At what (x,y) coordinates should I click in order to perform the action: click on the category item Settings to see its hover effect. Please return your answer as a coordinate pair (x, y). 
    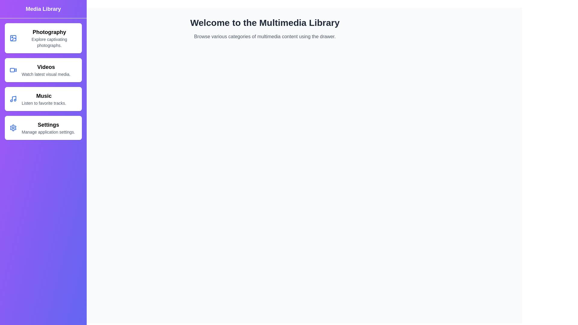
    Looking at the image, I should click on (43, 127).